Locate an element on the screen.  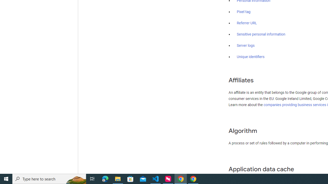
'Sensitive personal information' is located at coordinates (261, 34).